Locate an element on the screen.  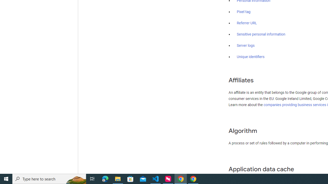
'Sensitive personal information' is located at coordinates (261, 34).